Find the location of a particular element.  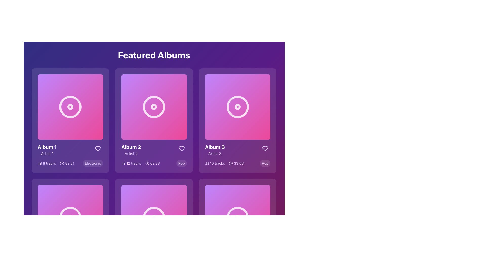

the album icon located at the center of the grid, specifically the fourth card in the layout is located at coordinates (154, 217).